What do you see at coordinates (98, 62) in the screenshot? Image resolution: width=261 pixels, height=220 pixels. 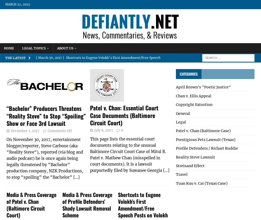 I see `'Shortcuts to Eugene Volokh’s First Amendment/Free Speech Posts on Volokh Conspiracy'` at bounding box center [98, 62].